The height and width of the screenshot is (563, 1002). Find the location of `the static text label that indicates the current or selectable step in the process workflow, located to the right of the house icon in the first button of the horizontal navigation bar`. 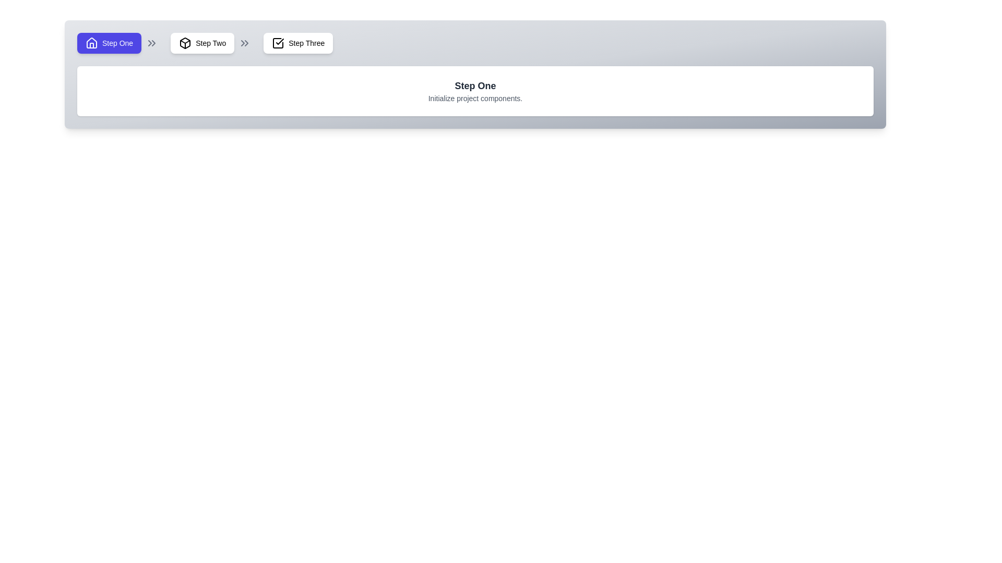

the static text label that indicates the current or selectable step in the process workflow, located to the right of the house icon in the first button of the horizontal navigation bar is located at coordinates (117, 43).